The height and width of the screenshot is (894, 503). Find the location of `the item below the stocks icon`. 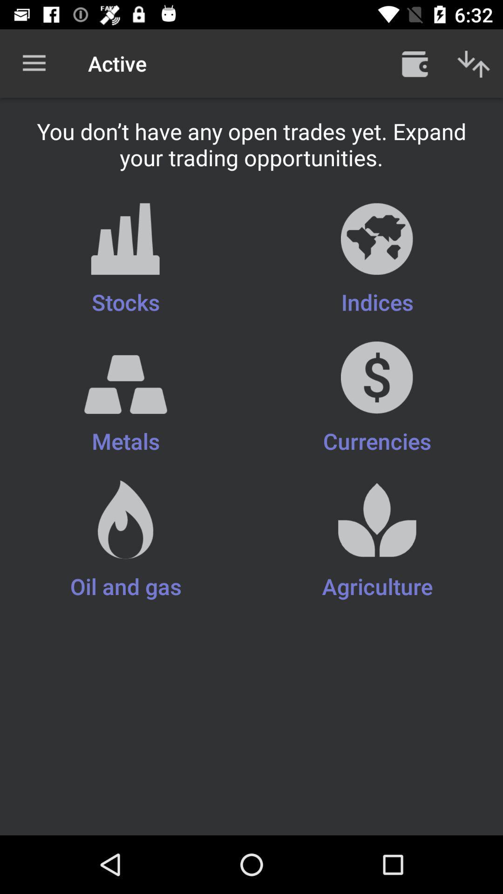

the item below the stocks icon is located at coordinates (126, 406).